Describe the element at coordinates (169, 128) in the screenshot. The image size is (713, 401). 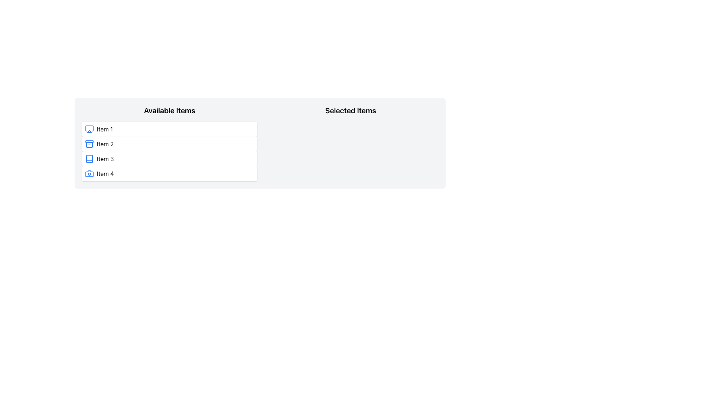
I see `the first list item labeled 'Item 1' in the 'Available Items' list` at that location.